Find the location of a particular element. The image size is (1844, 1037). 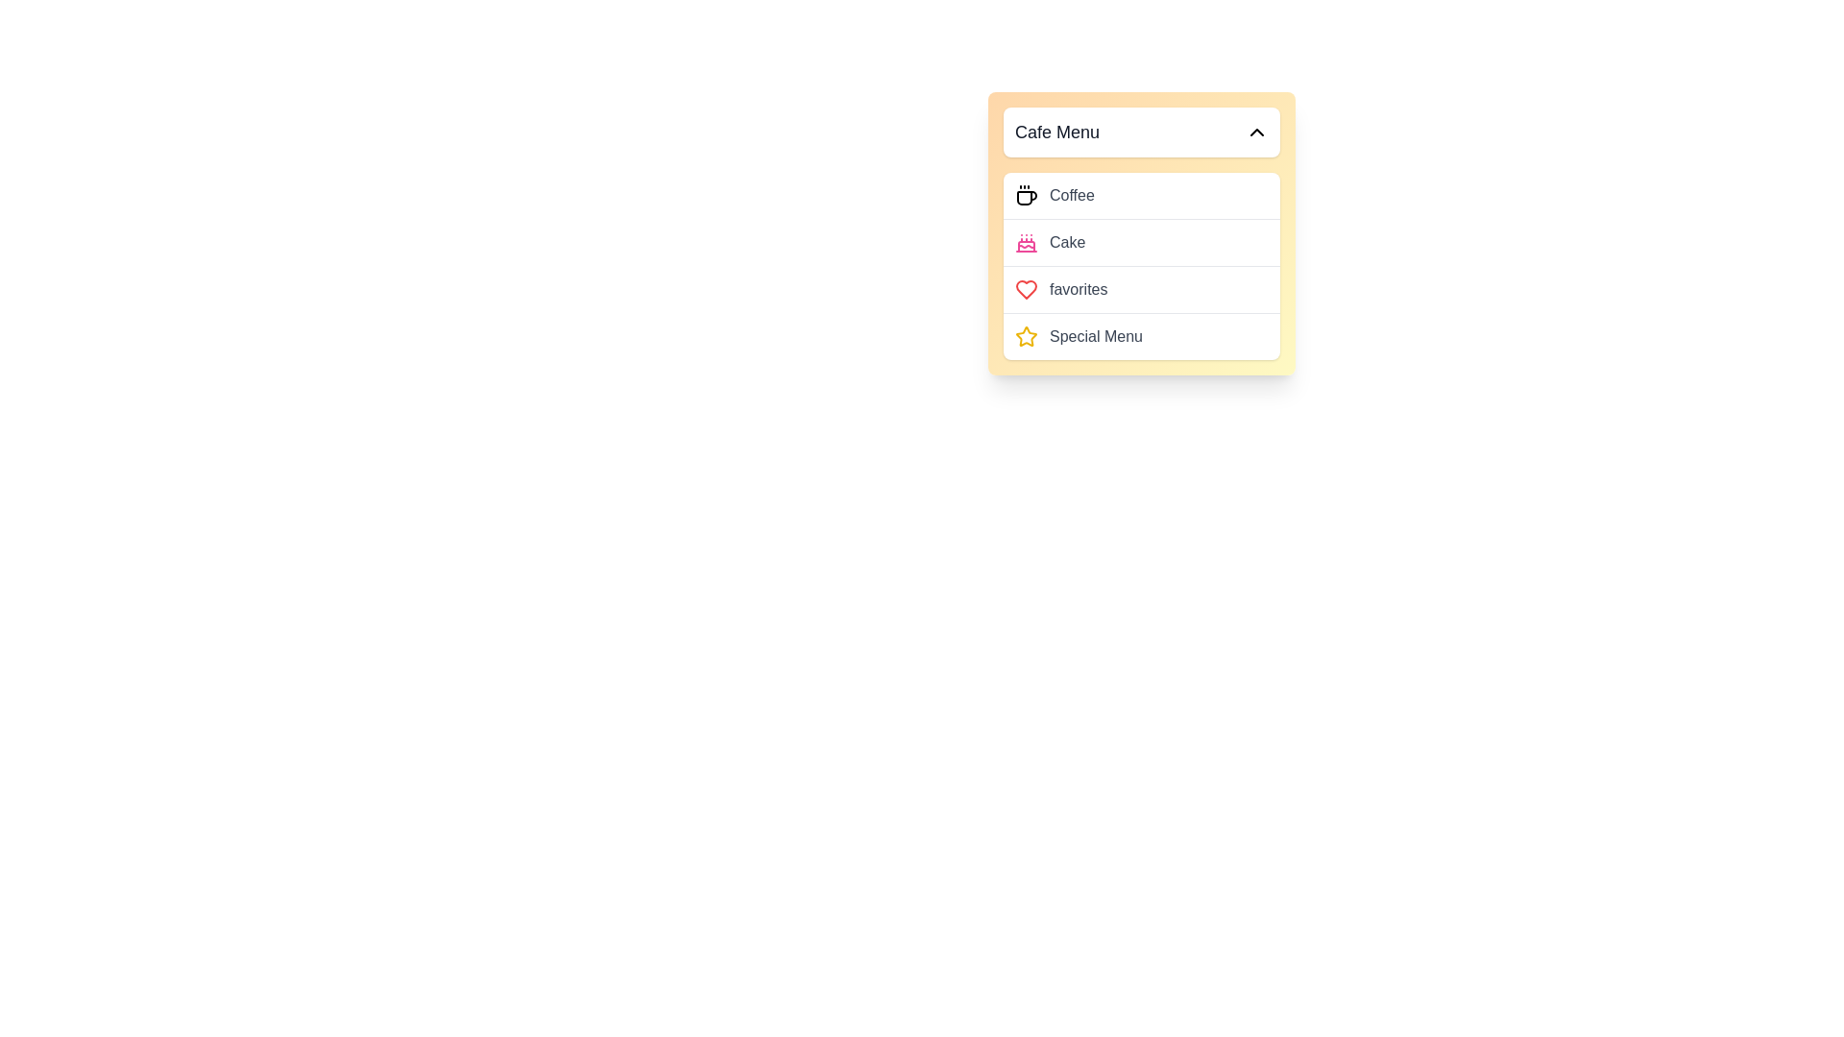

the static text element that serves as the title or label of the drop-down menu, located at the top-left section of the main interface component, before the chevron-up icon is located at coordinates (1056, 132).